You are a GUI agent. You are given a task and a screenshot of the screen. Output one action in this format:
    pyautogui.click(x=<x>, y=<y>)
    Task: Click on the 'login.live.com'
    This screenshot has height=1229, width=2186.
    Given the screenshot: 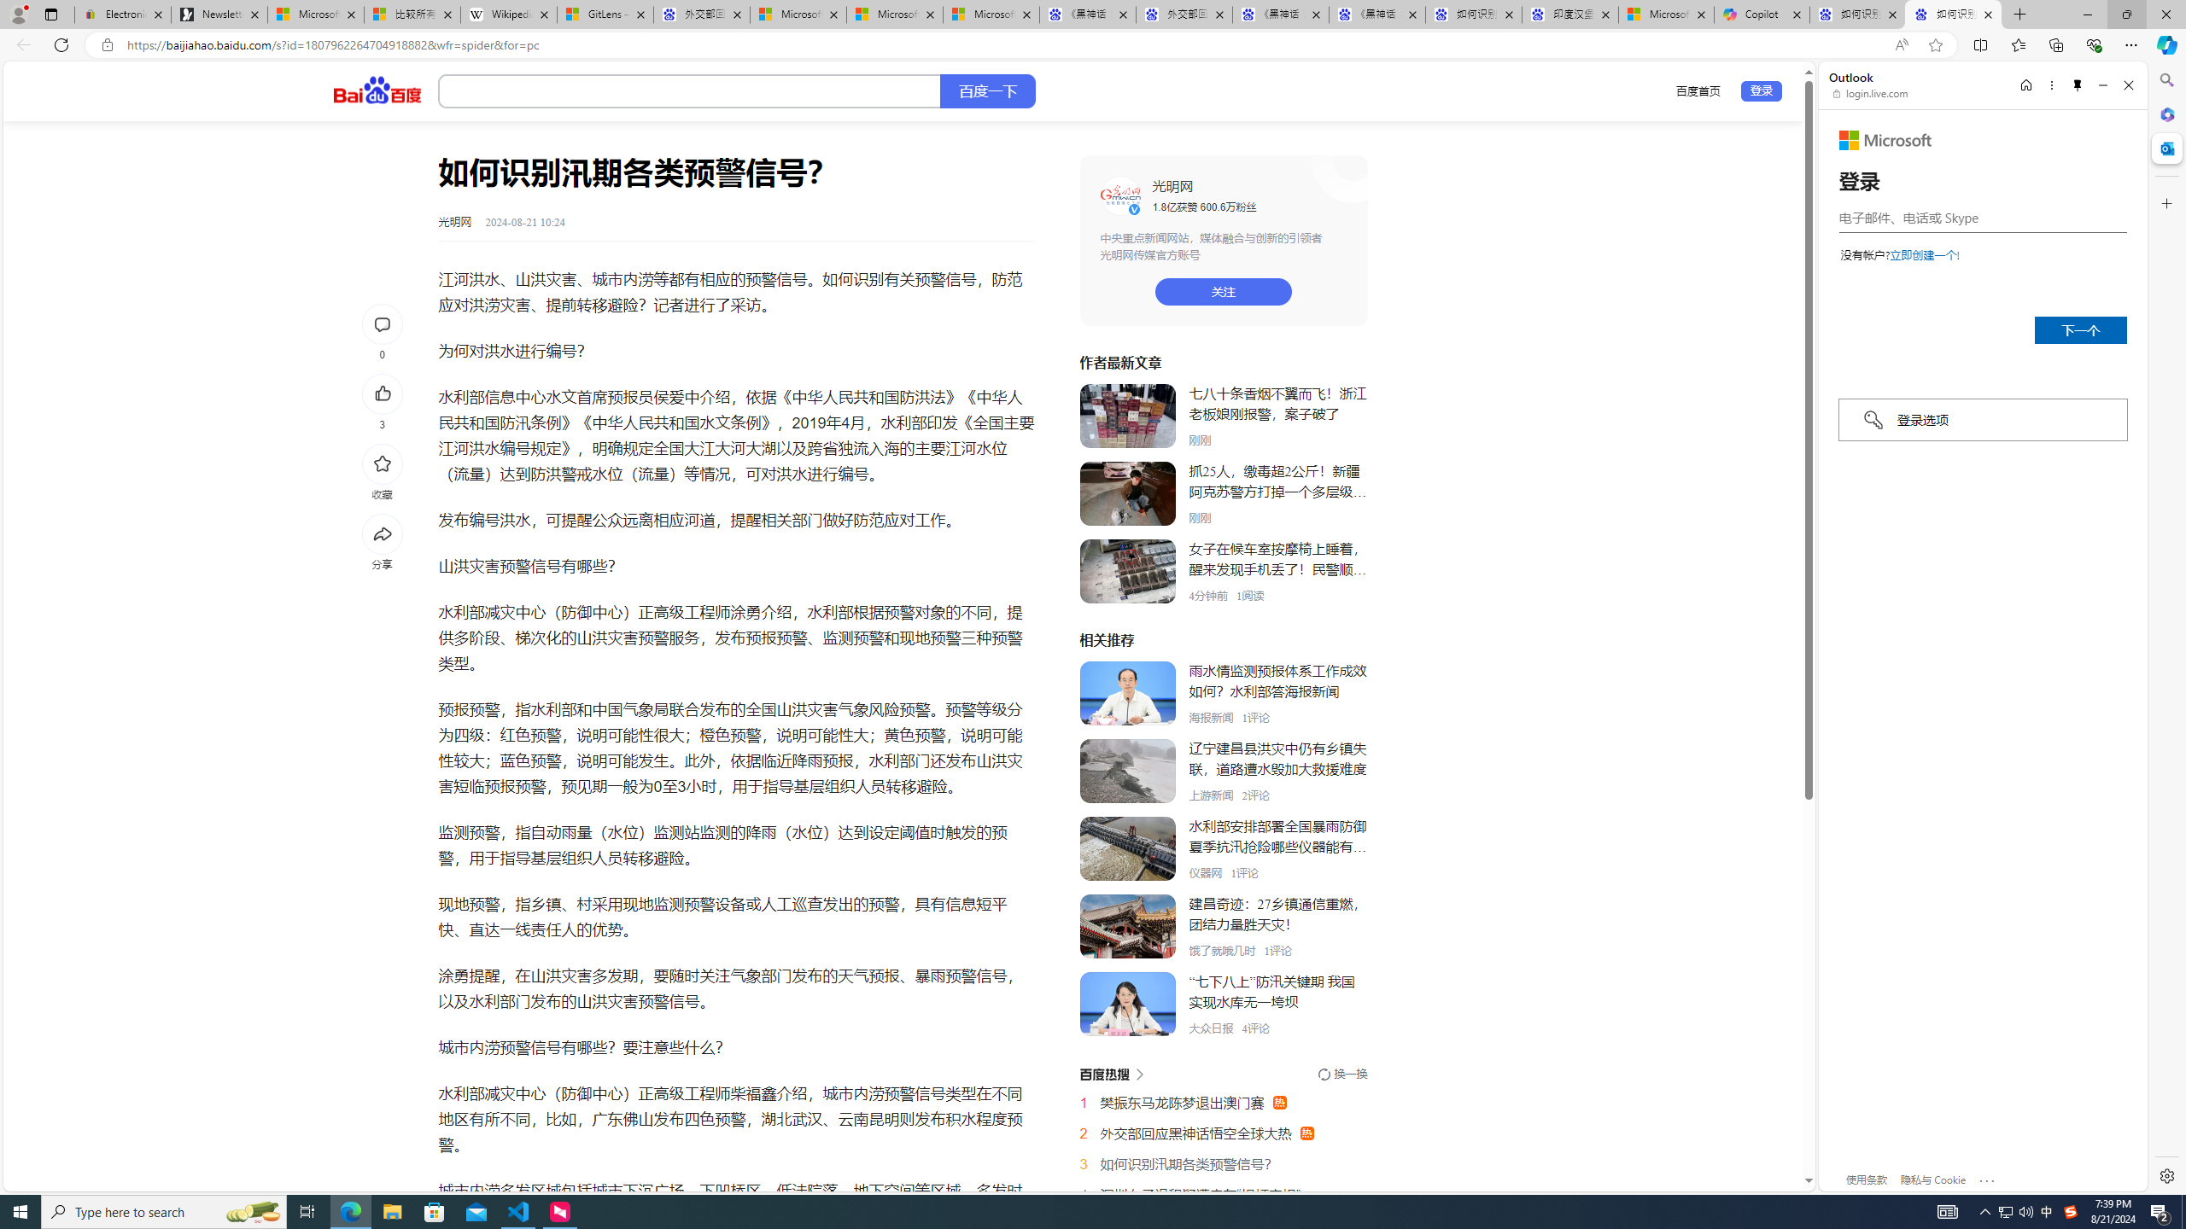 What is the action you would take?
    pyautogui.click(x=1870, y=92)
    